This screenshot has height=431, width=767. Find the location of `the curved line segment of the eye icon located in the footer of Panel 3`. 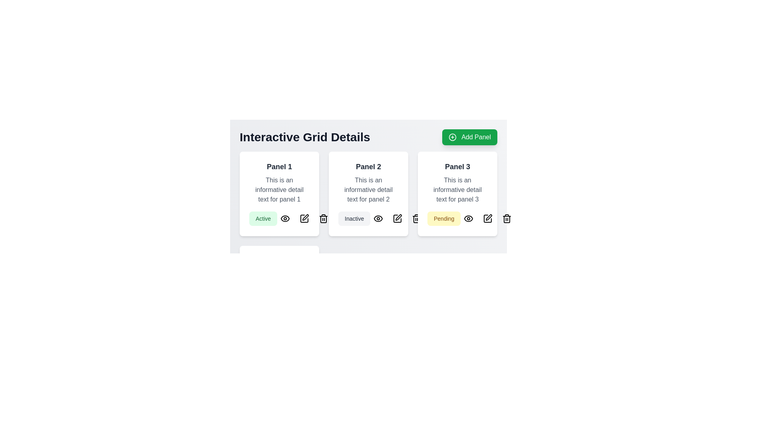

the curved line segment of the eye icon located in the footer of Panel 3 is located at coordinates (469, 218).